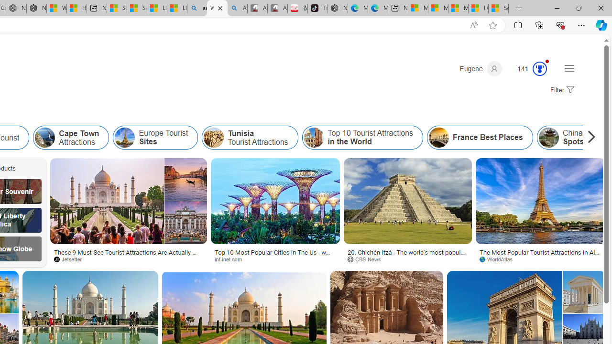 The height and width of the screenshot is (344, 612). I want to click on 'Filter', so click(561, 90).